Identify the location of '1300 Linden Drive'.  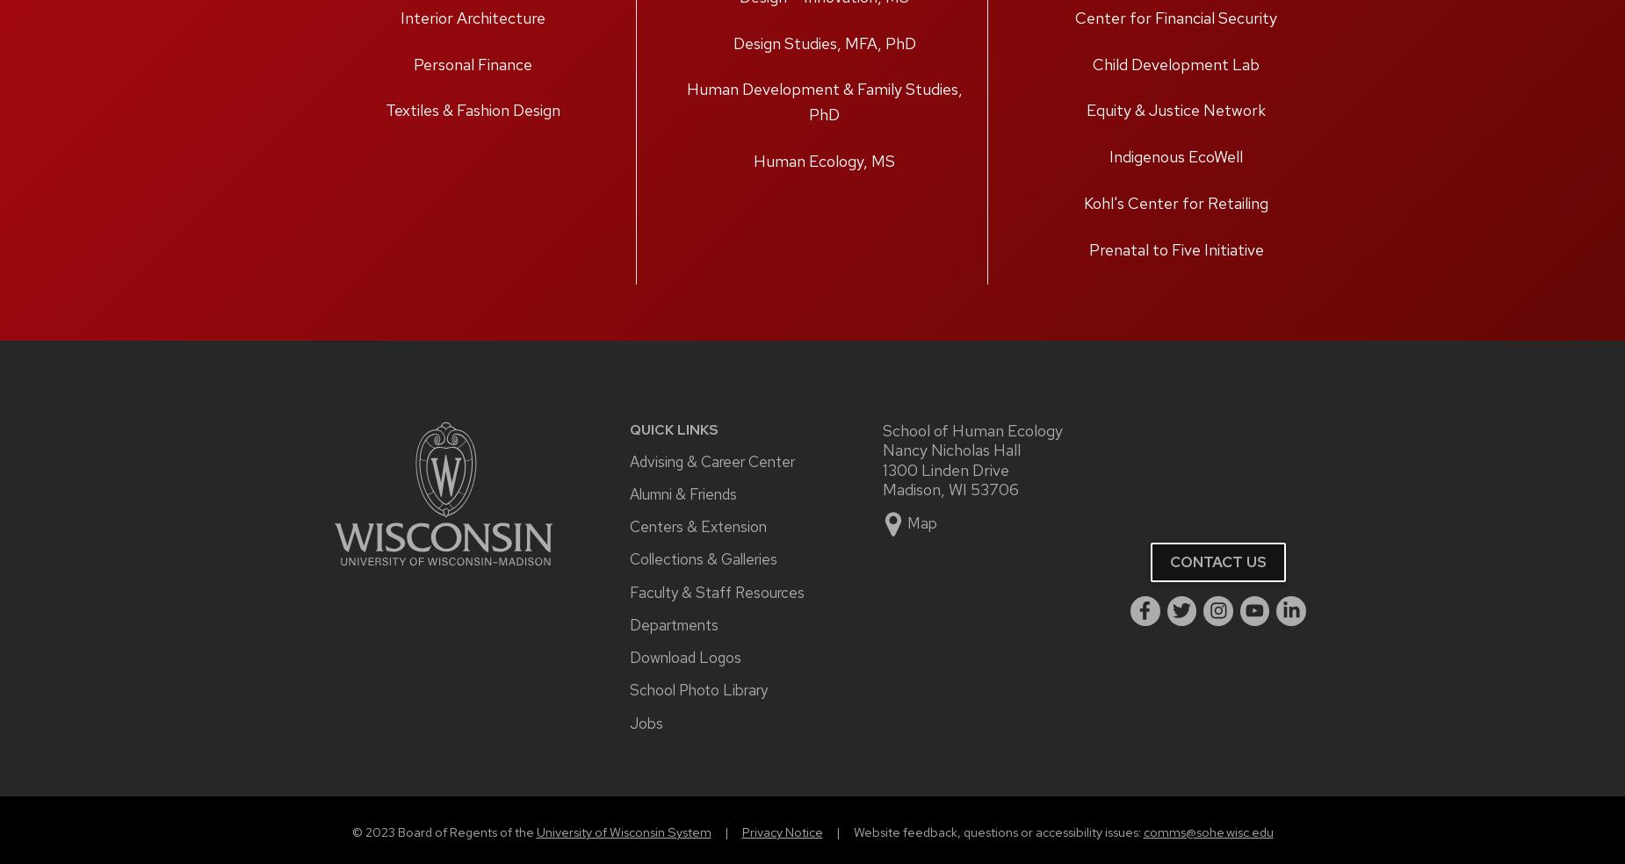
(945, 468).